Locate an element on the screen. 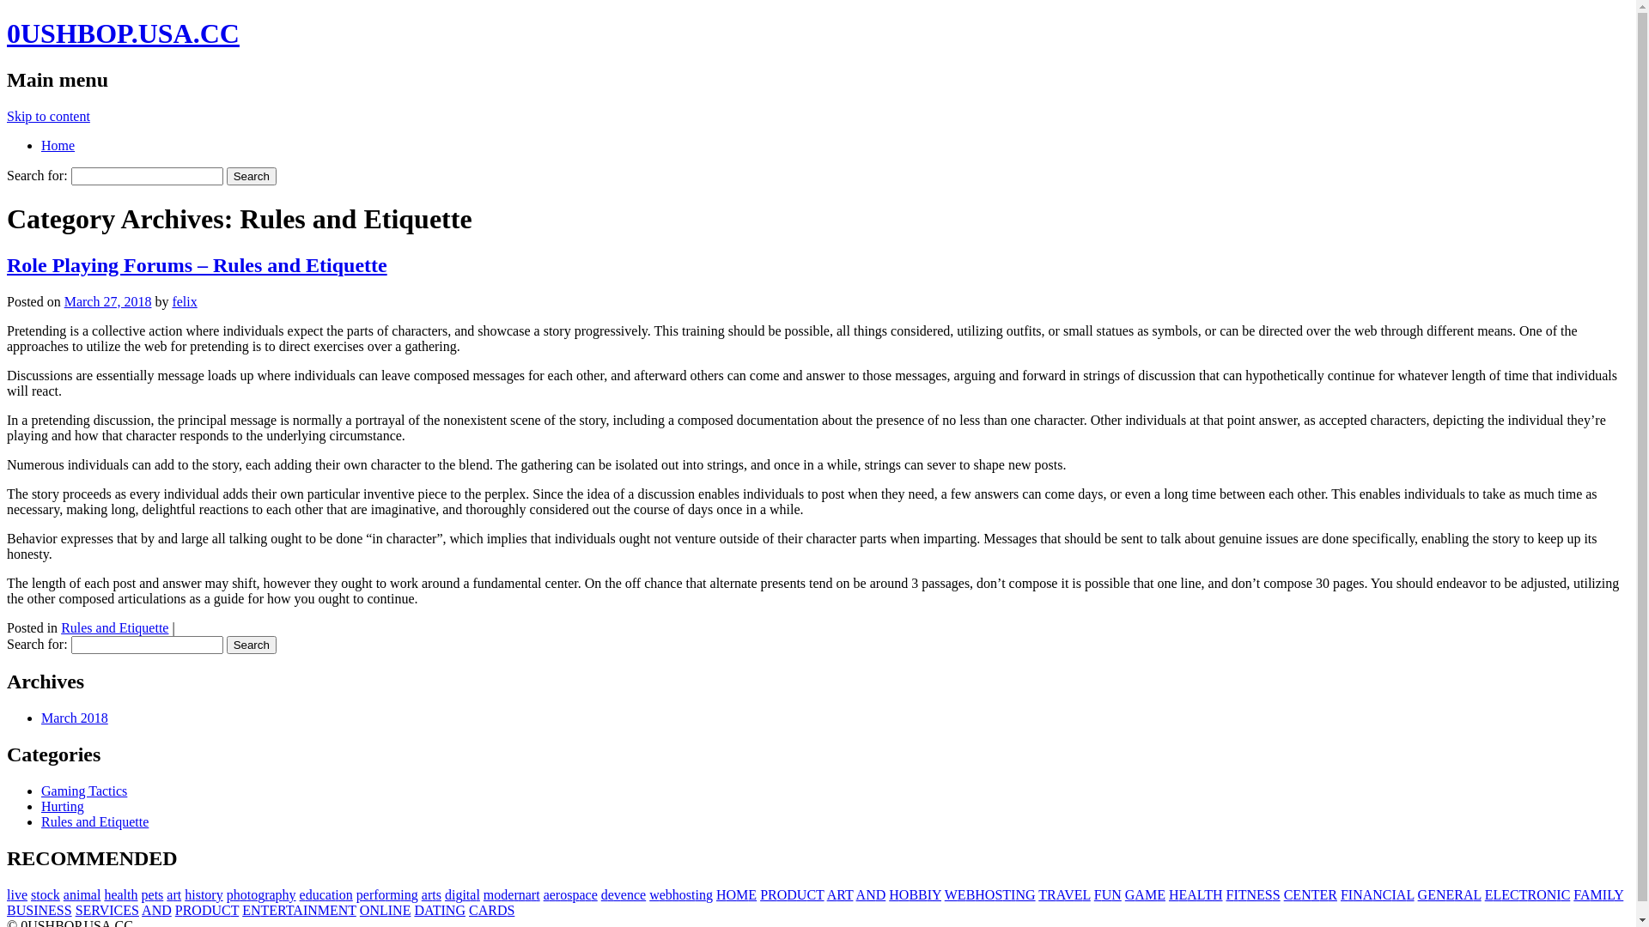  'W' is located at coordinates (950, 894).